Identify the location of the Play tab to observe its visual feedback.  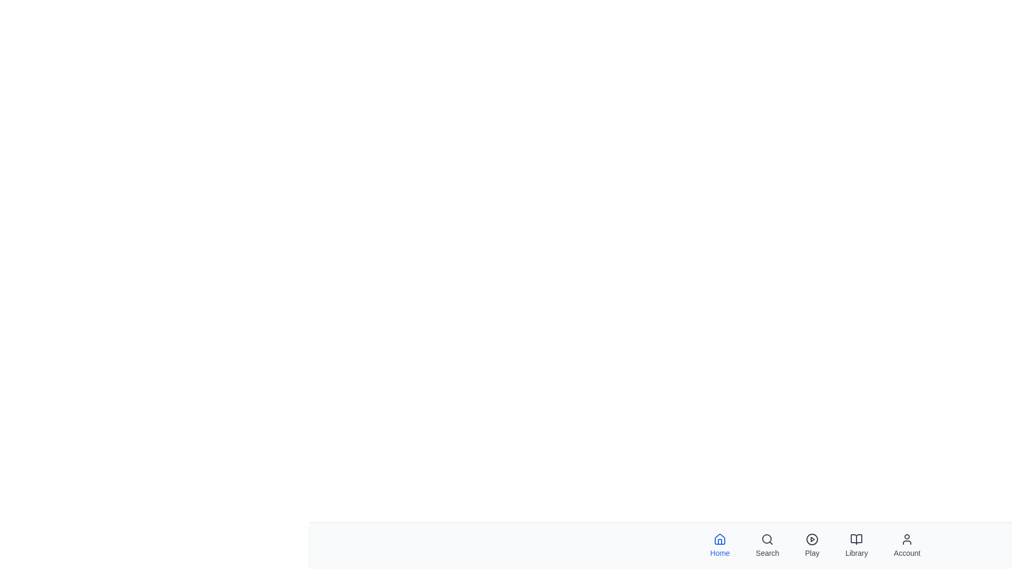
(811, 545).